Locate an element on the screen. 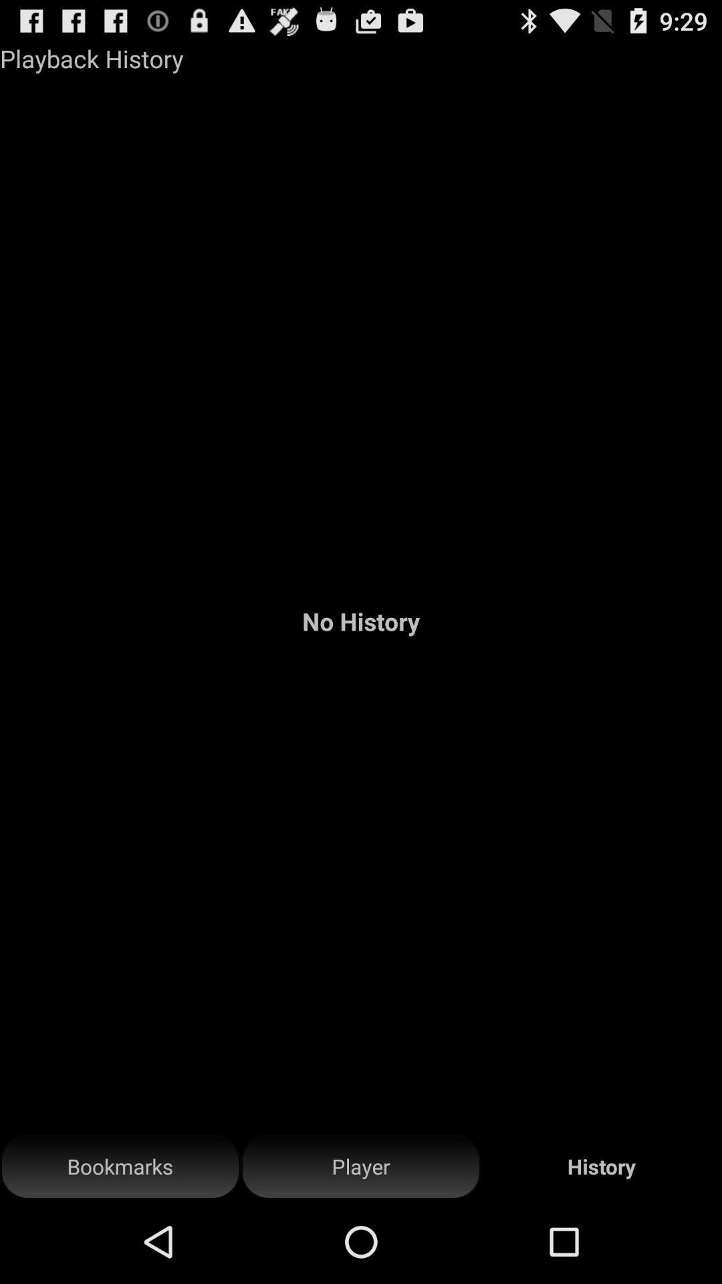  the player button is located at coordinates (361, 1166).